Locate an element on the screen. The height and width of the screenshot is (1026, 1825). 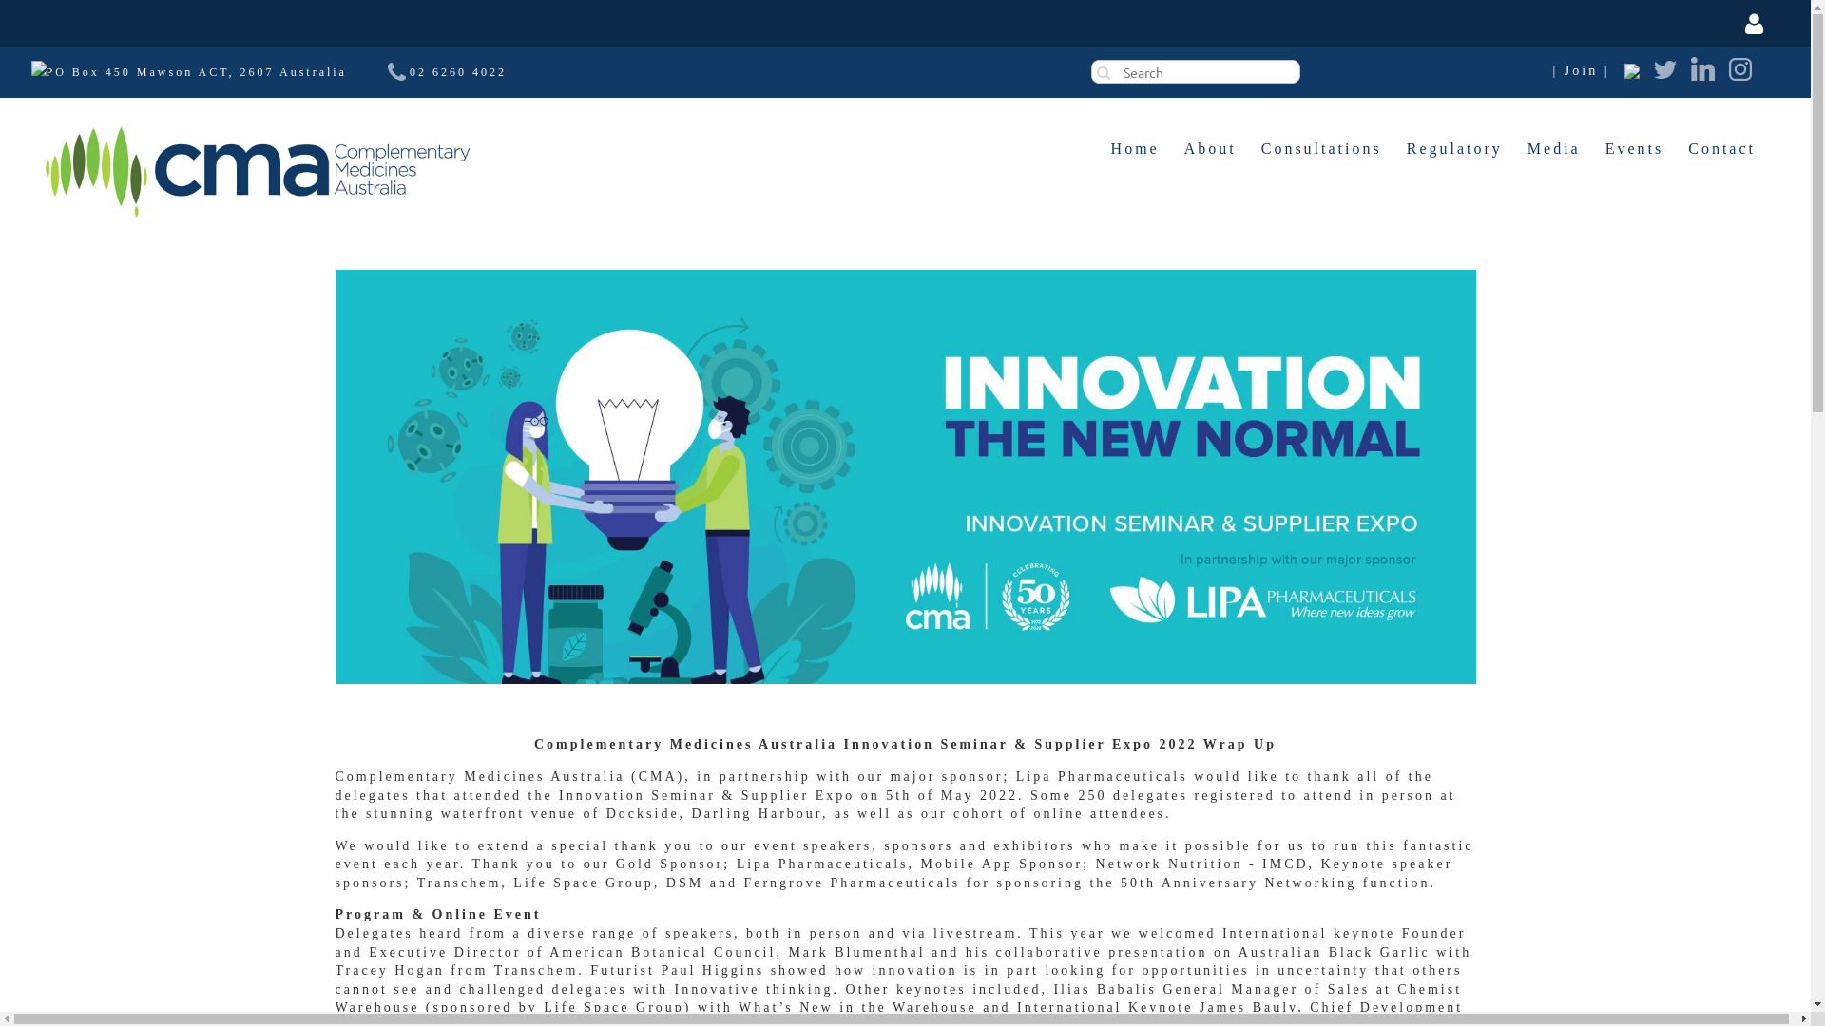
'Regulatory' is located at coordinates (1453, 148).